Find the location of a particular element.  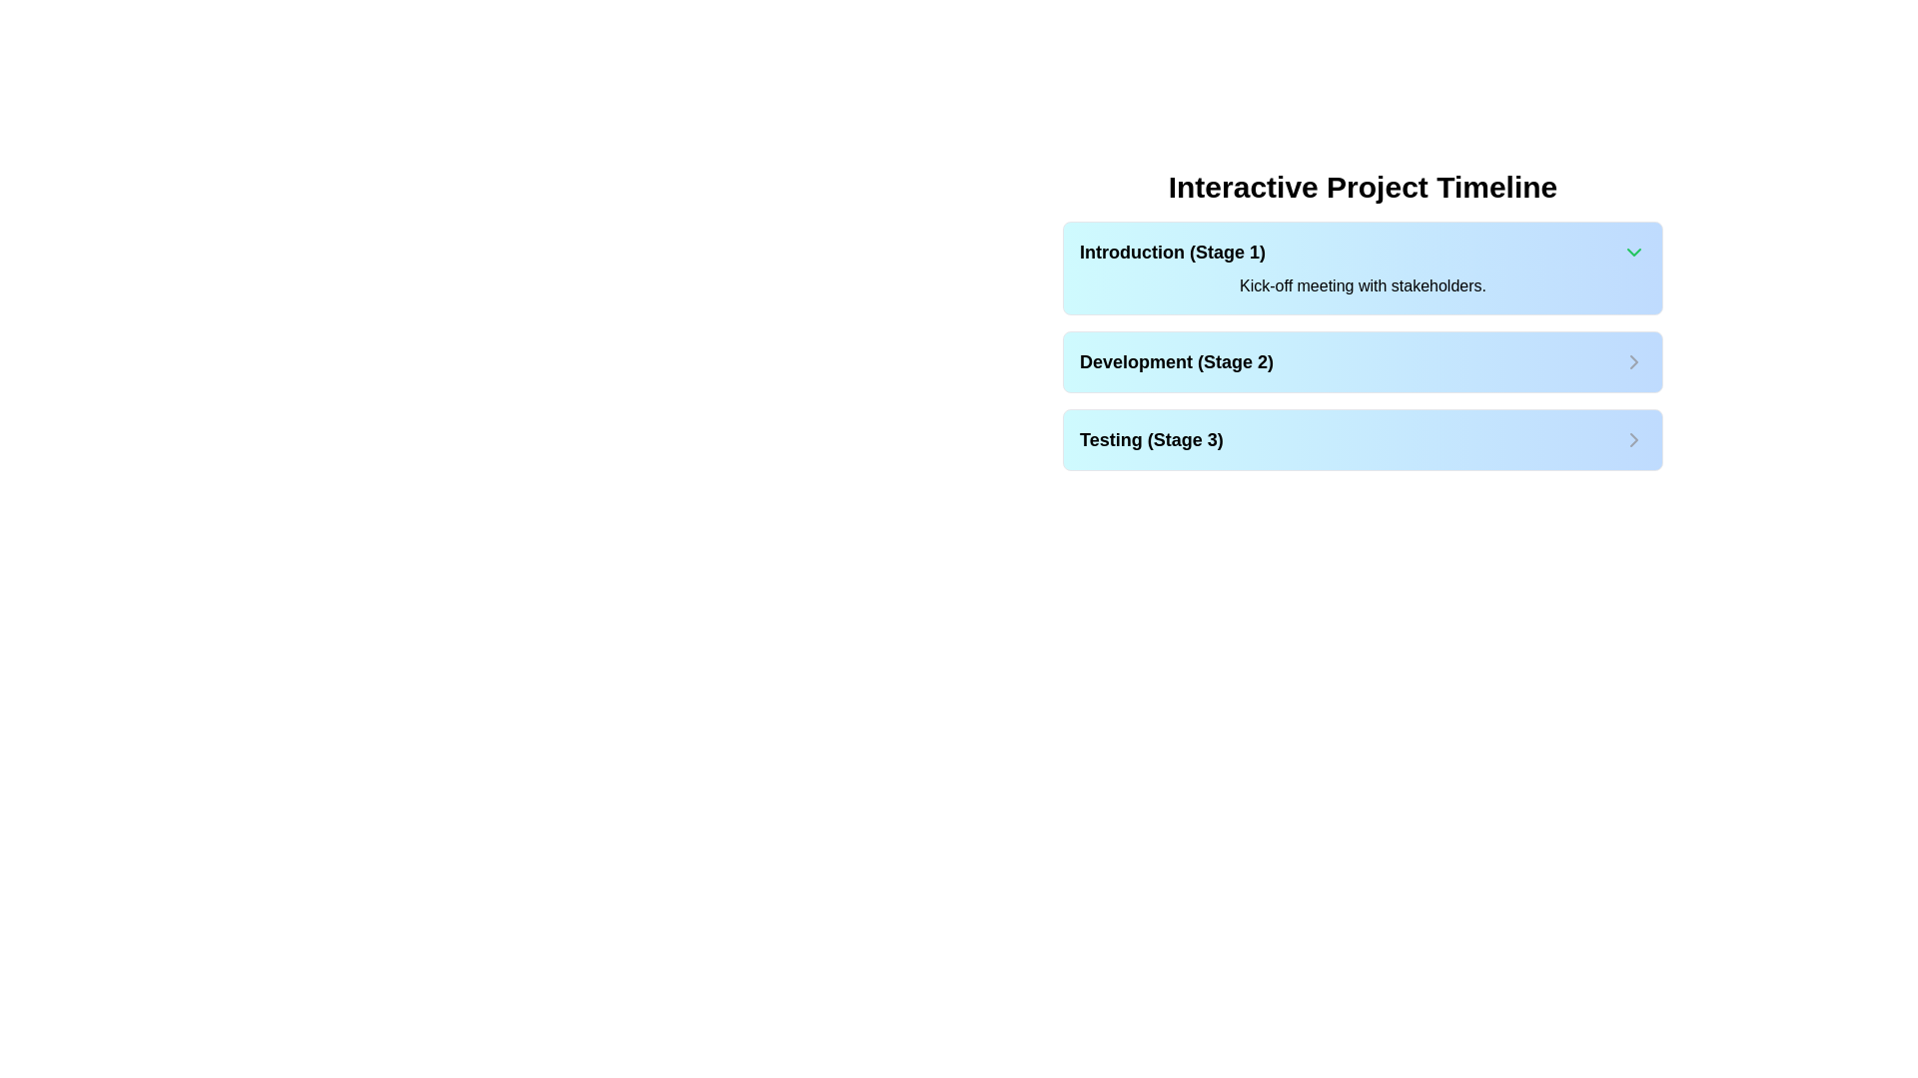

the text label that describes the 'Introduction' phase of the project timeline, positioned below the title and aligned to the left is located at coordinates (1362, 285).